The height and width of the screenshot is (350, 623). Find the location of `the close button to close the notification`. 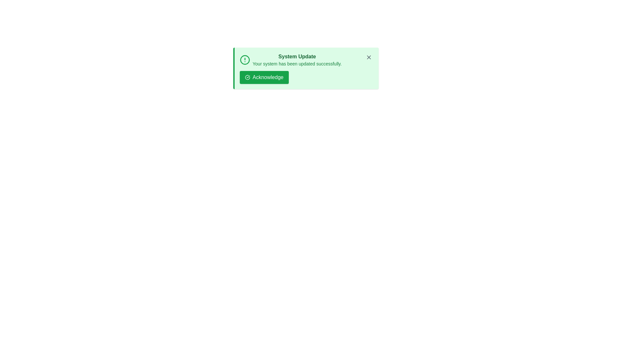

the close button to close the notification is located at coordinates (369, 57).